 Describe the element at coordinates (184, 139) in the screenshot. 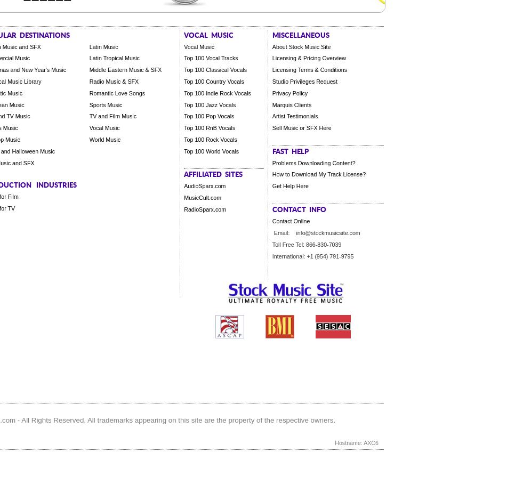

I see `'Top 100 Rock Vocals'` at that location.